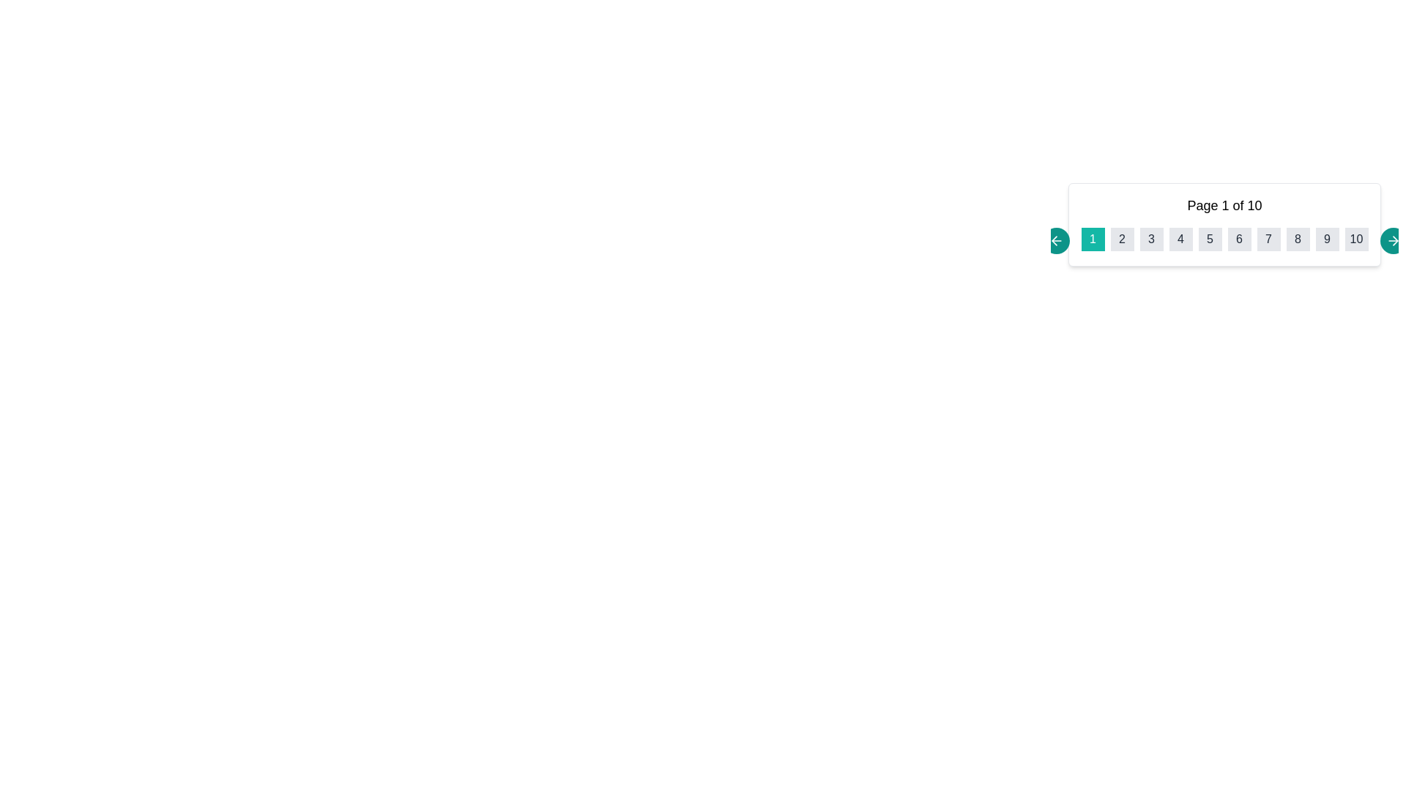 The height and width of the screenshot is (791, 1406). Describe the element at coordinates (1056, 239) in the screenshot. I see `the circular teal button with a white left arrow icon, which is the first button on the left of the pagination bar` at that location.